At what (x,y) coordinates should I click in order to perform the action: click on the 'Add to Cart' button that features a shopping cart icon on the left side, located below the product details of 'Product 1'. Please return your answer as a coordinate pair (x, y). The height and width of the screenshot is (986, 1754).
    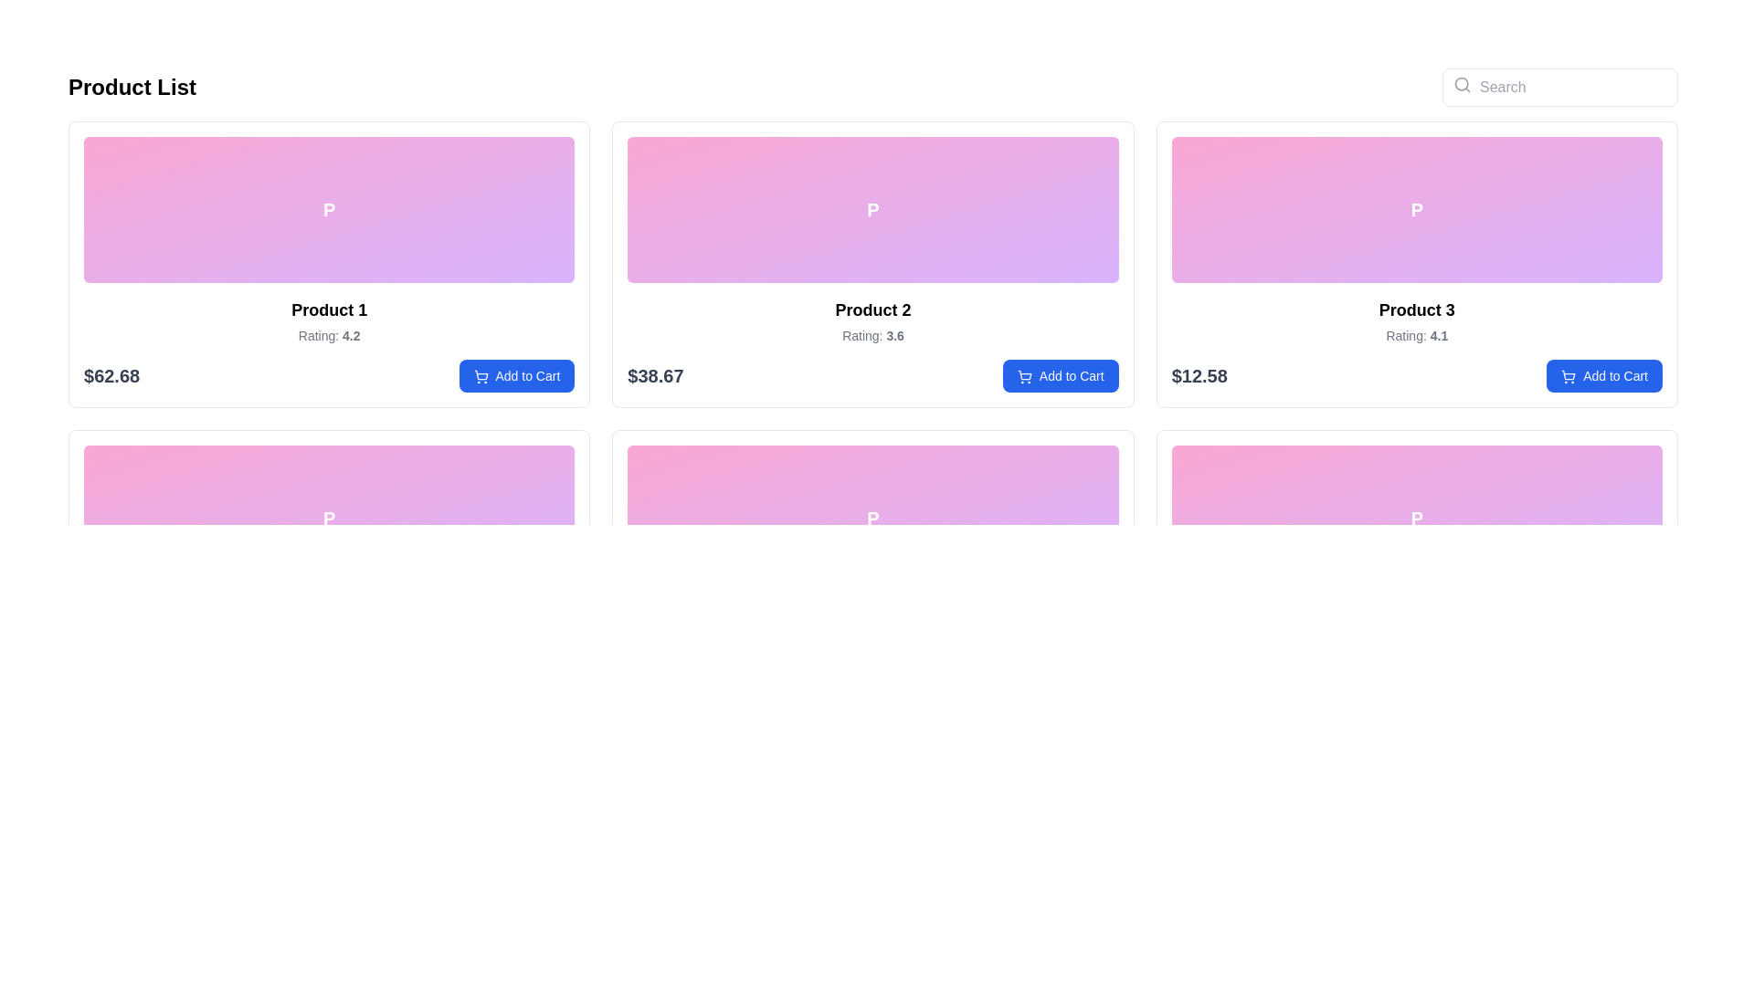
    Looking at the image, I should click on (481, 376).